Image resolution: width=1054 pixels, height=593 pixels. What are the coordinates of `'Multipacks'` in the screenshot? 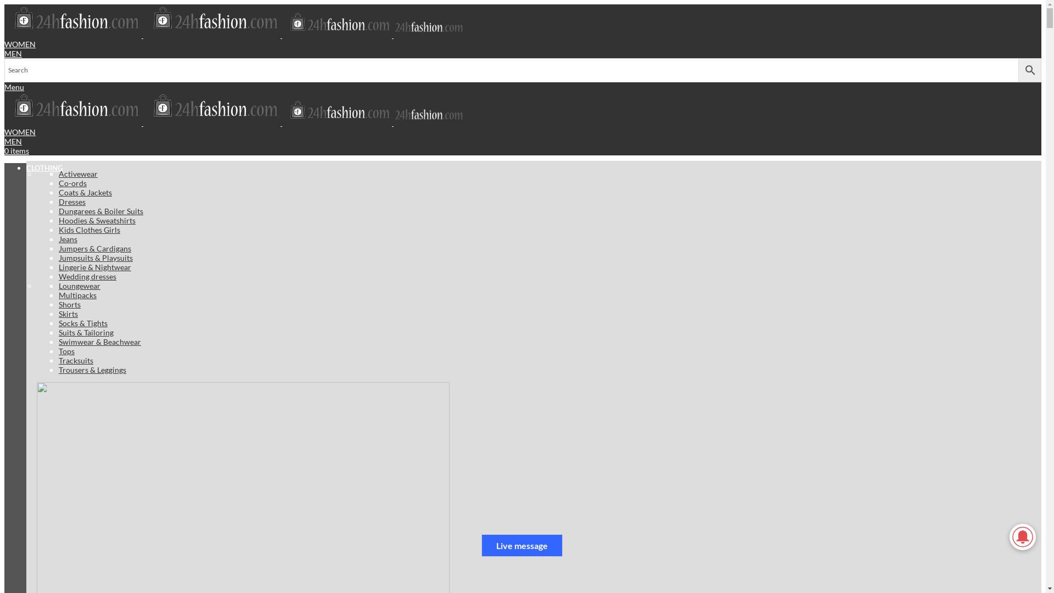 It's located at (77, 294).